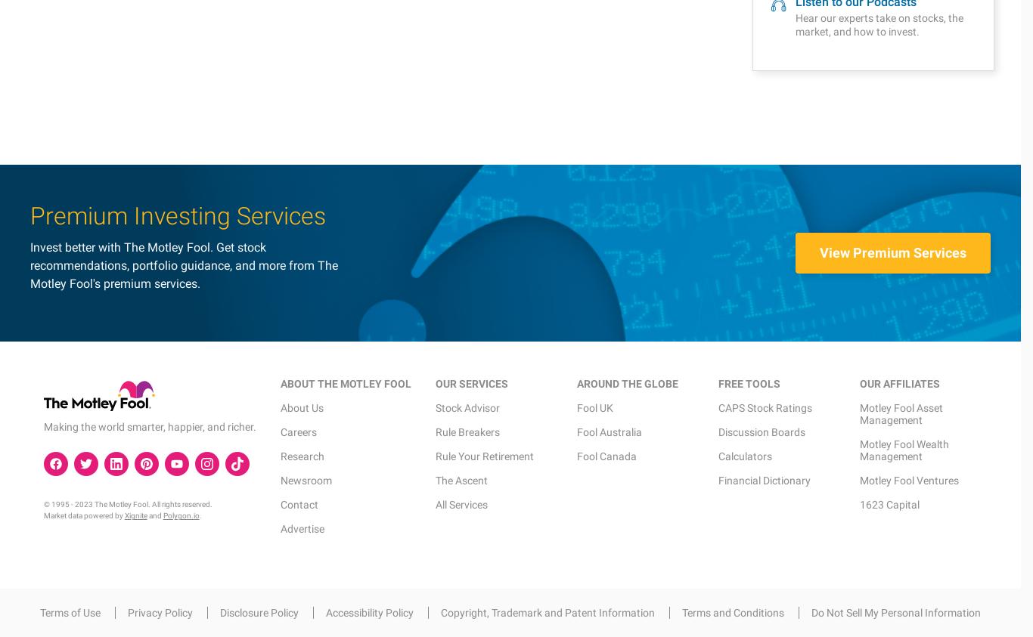 This screenshot has width=1033, height=637. Describe the element at coordinates (896, 267) in the screenshot. I see `'Do Not Sell My Personal Information'` at that location.